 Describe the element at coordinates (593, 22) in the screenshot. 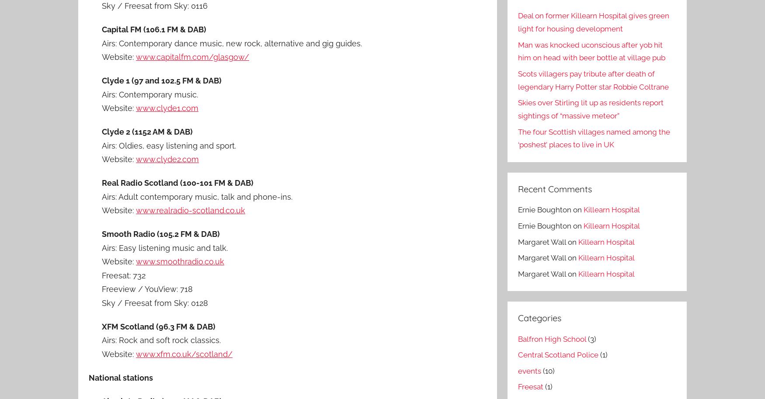

I see `'Deal on former Killearn Hospital gives green light for housing development'` at that location.